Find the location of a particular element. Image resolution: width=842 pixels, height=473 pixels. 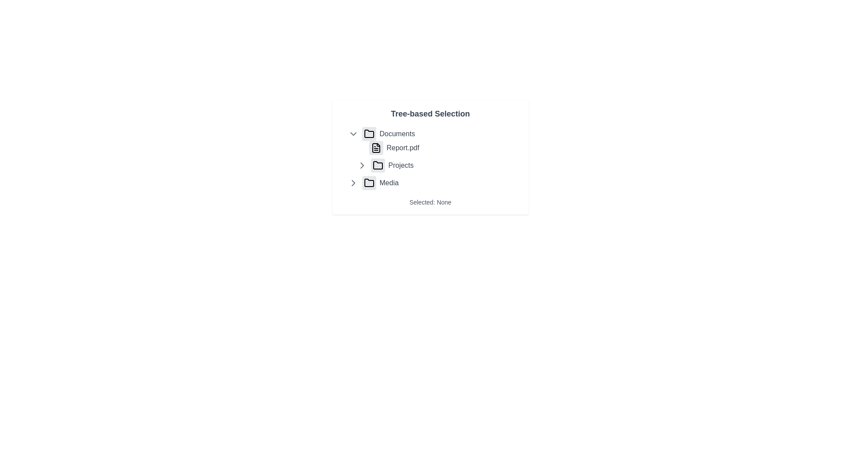

the selectable file item labeled 'Report.pdf' in the tree-based selection UI under the 'Documents' section is located at coordinates (439, 148).